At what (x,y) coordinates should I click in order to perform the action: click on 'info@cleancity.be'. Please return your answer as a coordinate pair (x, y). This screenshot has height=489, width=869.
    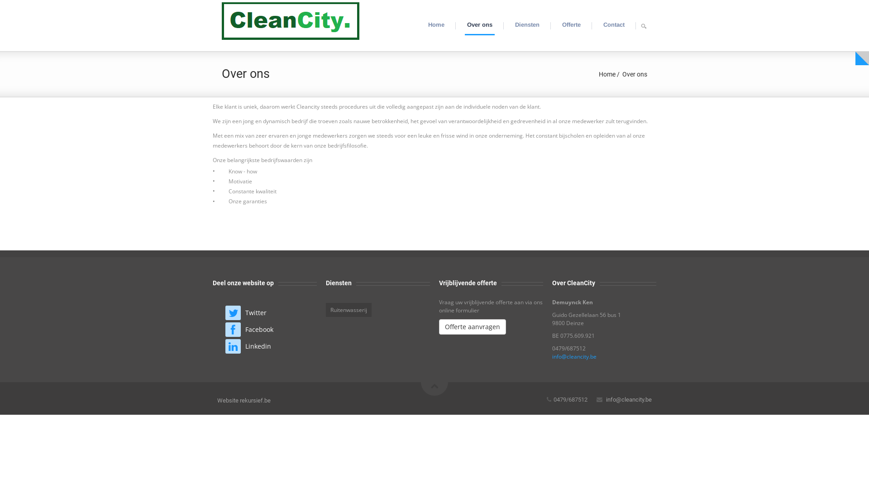
    Looking at the image, I should click on (573, 356).